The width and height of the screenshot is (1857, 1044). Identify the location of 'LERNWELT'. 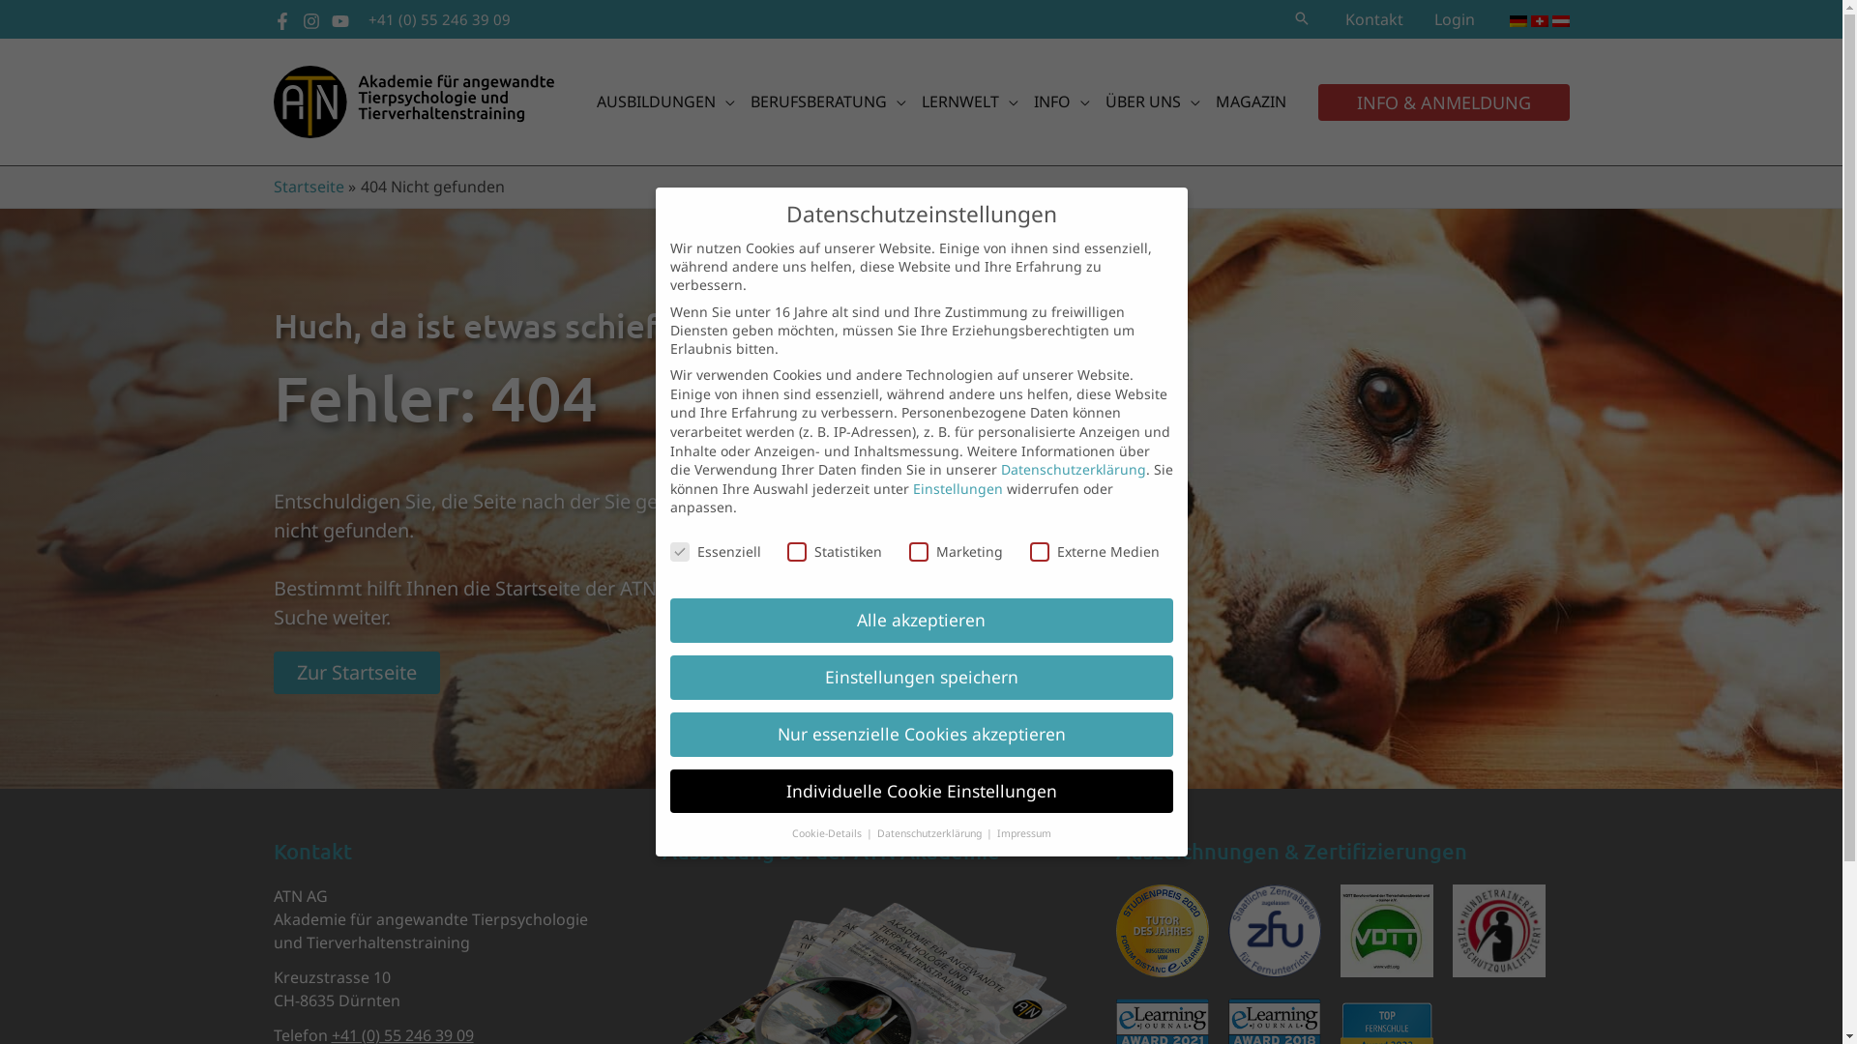
(912, 101).